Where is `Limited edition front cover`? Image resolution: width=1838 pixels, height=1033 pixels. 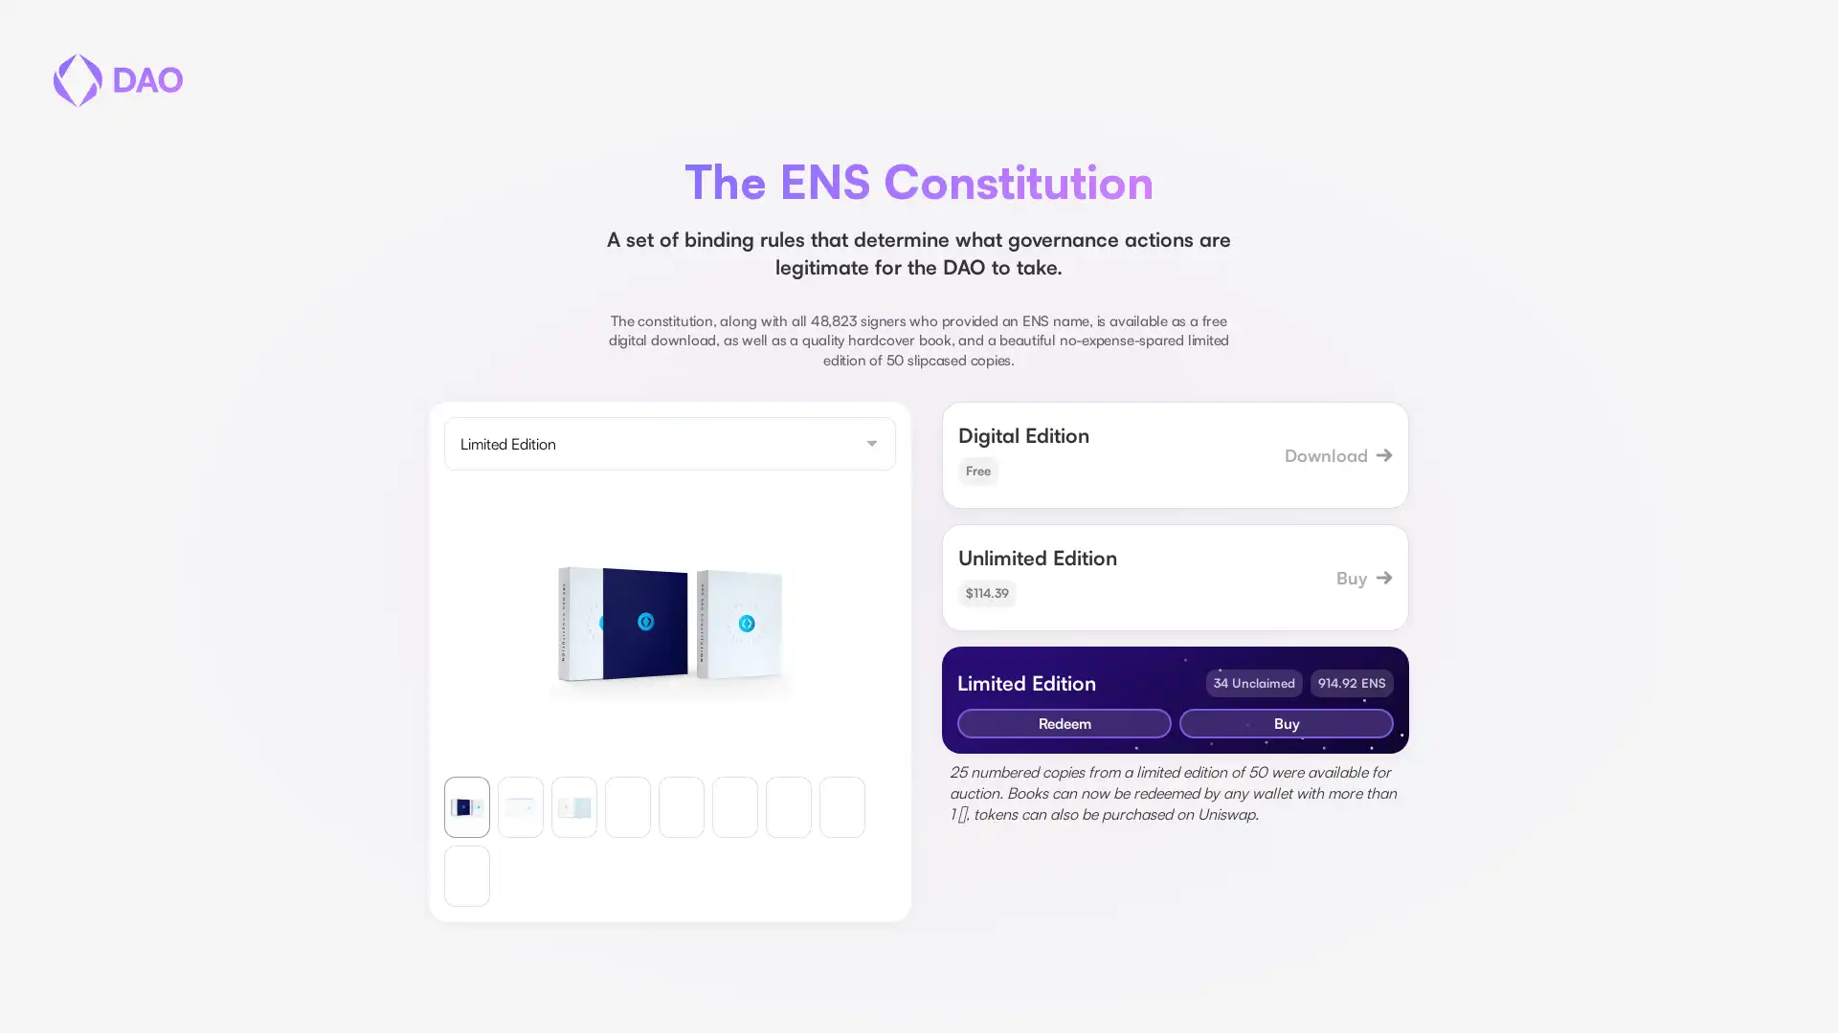
Limited edition front cover is located at coordinates (520, 806).